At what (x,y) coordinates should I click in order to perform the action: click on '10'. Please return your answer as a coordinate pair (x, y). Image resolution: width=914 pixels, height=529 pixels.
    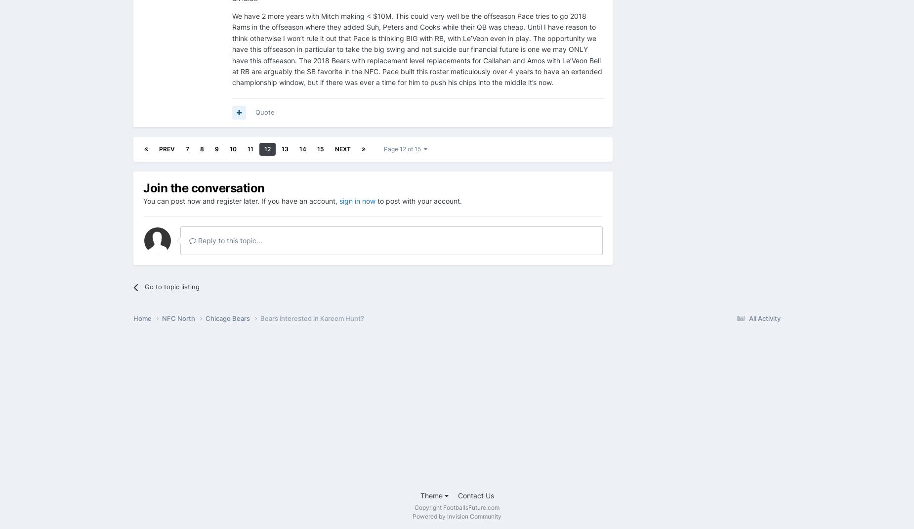
    Looking at the image, I should click on (230, 148).